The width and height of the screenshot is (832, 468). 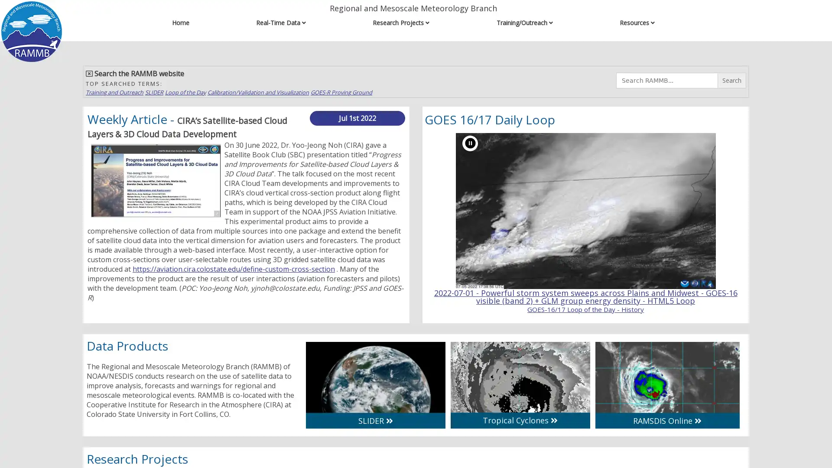 I want to click on Search, so click(x=731, y=80).